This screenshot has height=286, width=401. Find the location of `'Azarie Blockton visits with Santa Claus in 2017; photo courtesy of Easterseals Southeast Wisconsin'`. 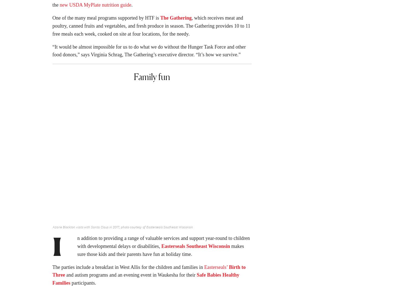

'Azarie Blockton visits with Santa Claus in 2017; photo courtesy of Easterseals Southeast Wisconsin' is located at coordinates (122, 229).